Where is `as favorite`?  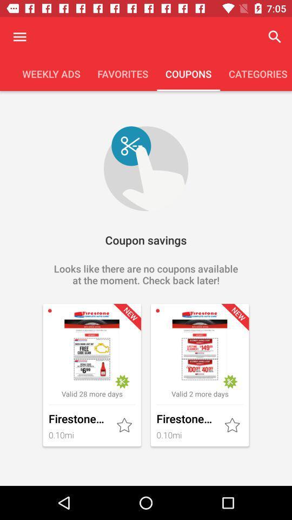 as favorite is located at coordinates (125, 426).